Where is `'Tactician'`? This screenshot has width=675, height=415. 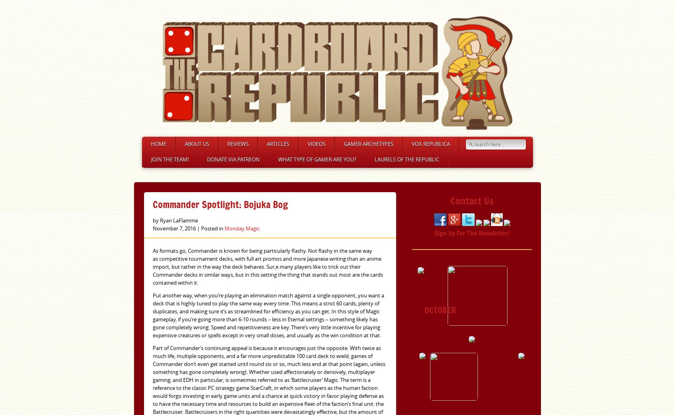 'Tactician' is located at coordinates (413, 167).